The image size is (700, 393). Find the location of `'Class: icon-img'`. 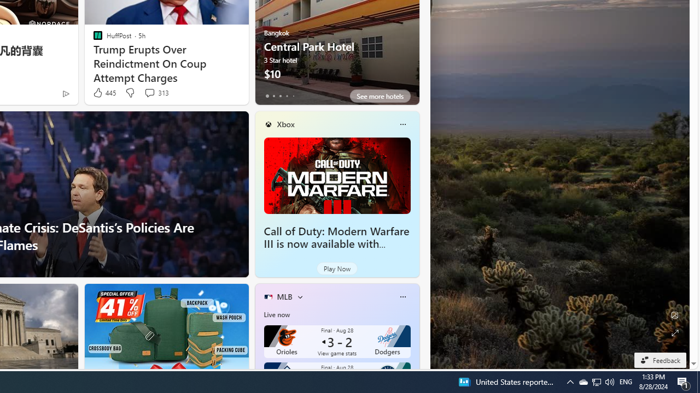

'Class: icon-img' is located at coordinates (402, 296).